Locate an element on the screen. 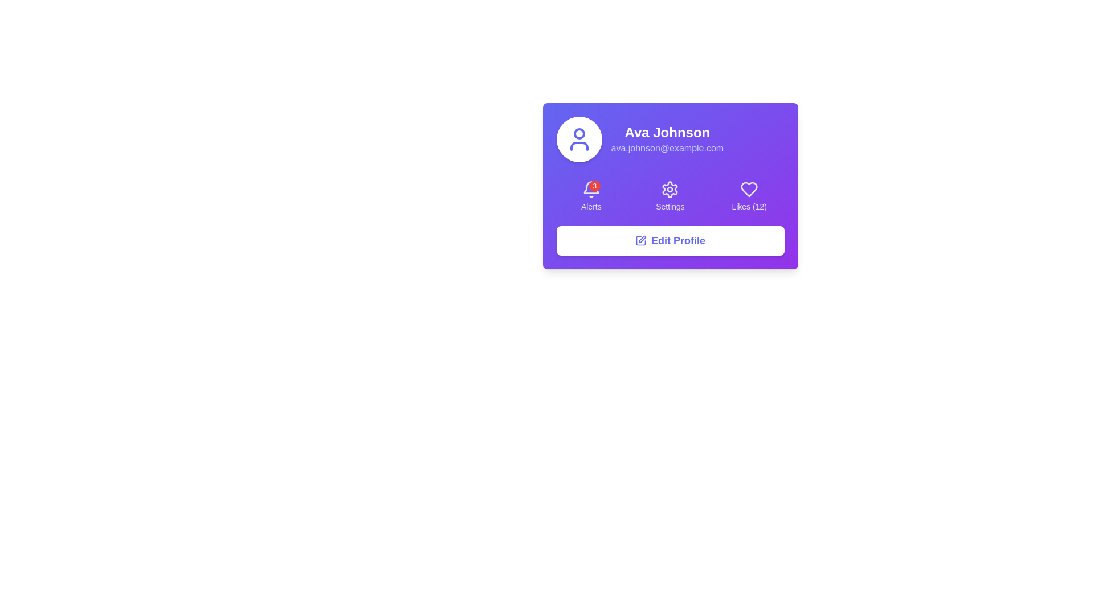  the 'Alerts' text label, which is displayed in a small-sized gray font and is positioned below a bell icon with a badge in a card layout is located at coordinates (591, 206).